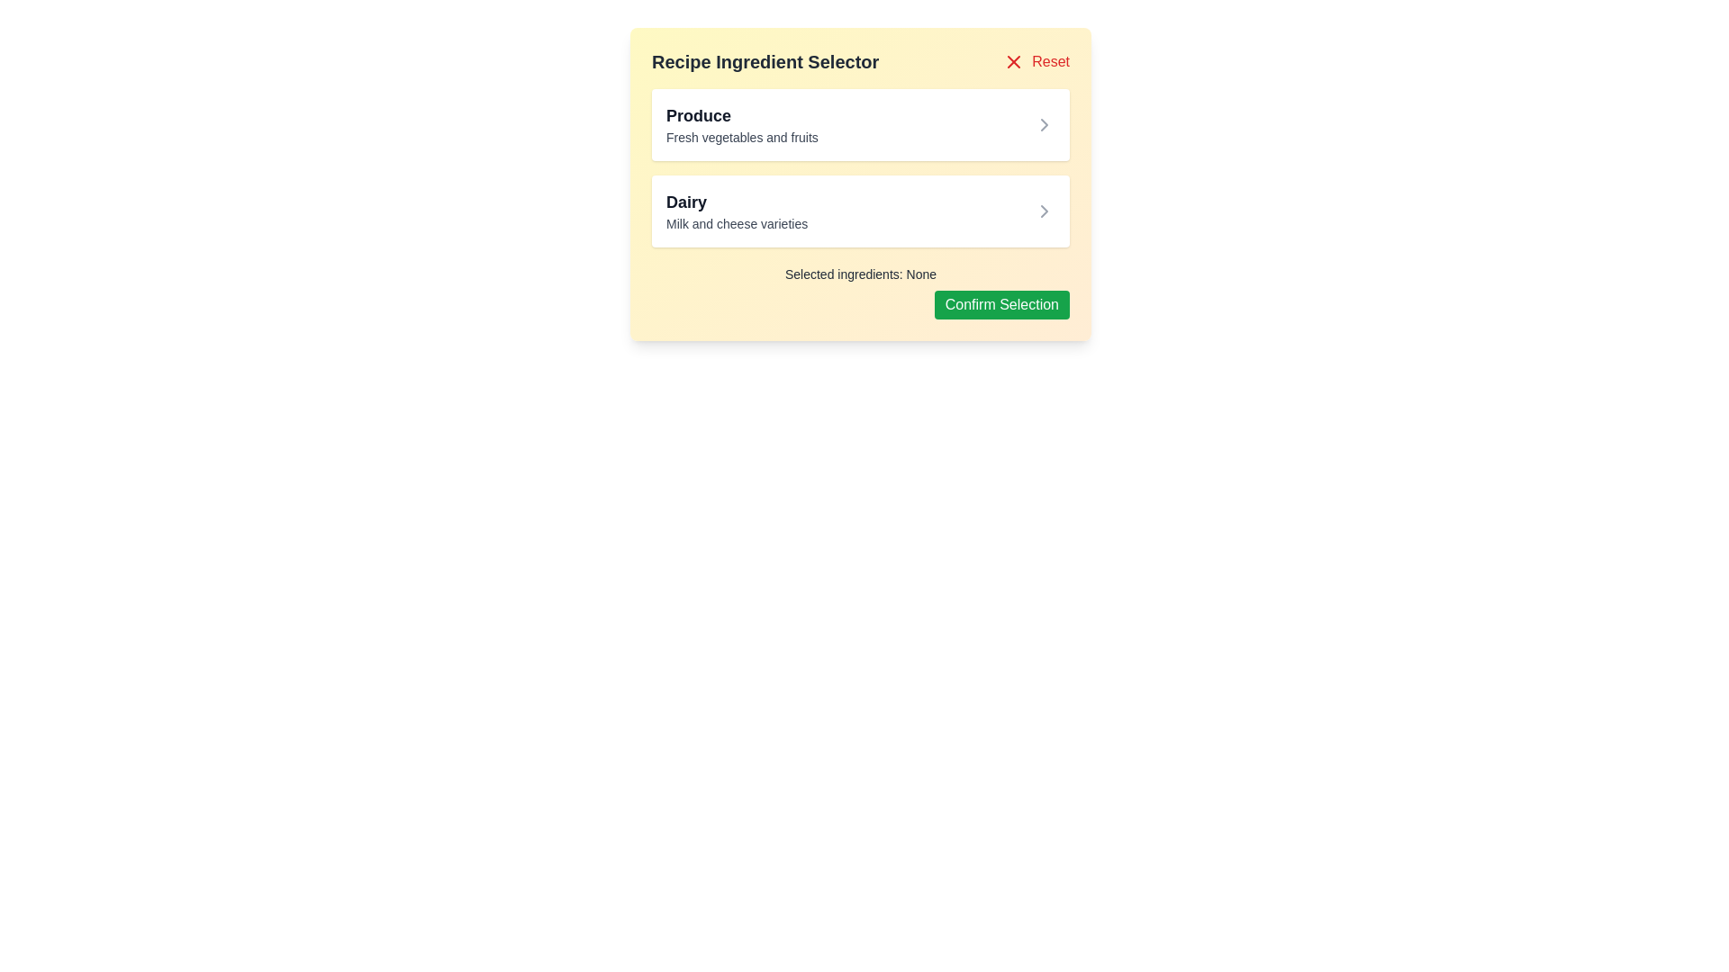  I want to click on the right-pointing chevron icon next to 'Milk and cheese varieties' in the 'Dairy' section of the 'Recipe Ingredient Selector', so click(1045, 211).